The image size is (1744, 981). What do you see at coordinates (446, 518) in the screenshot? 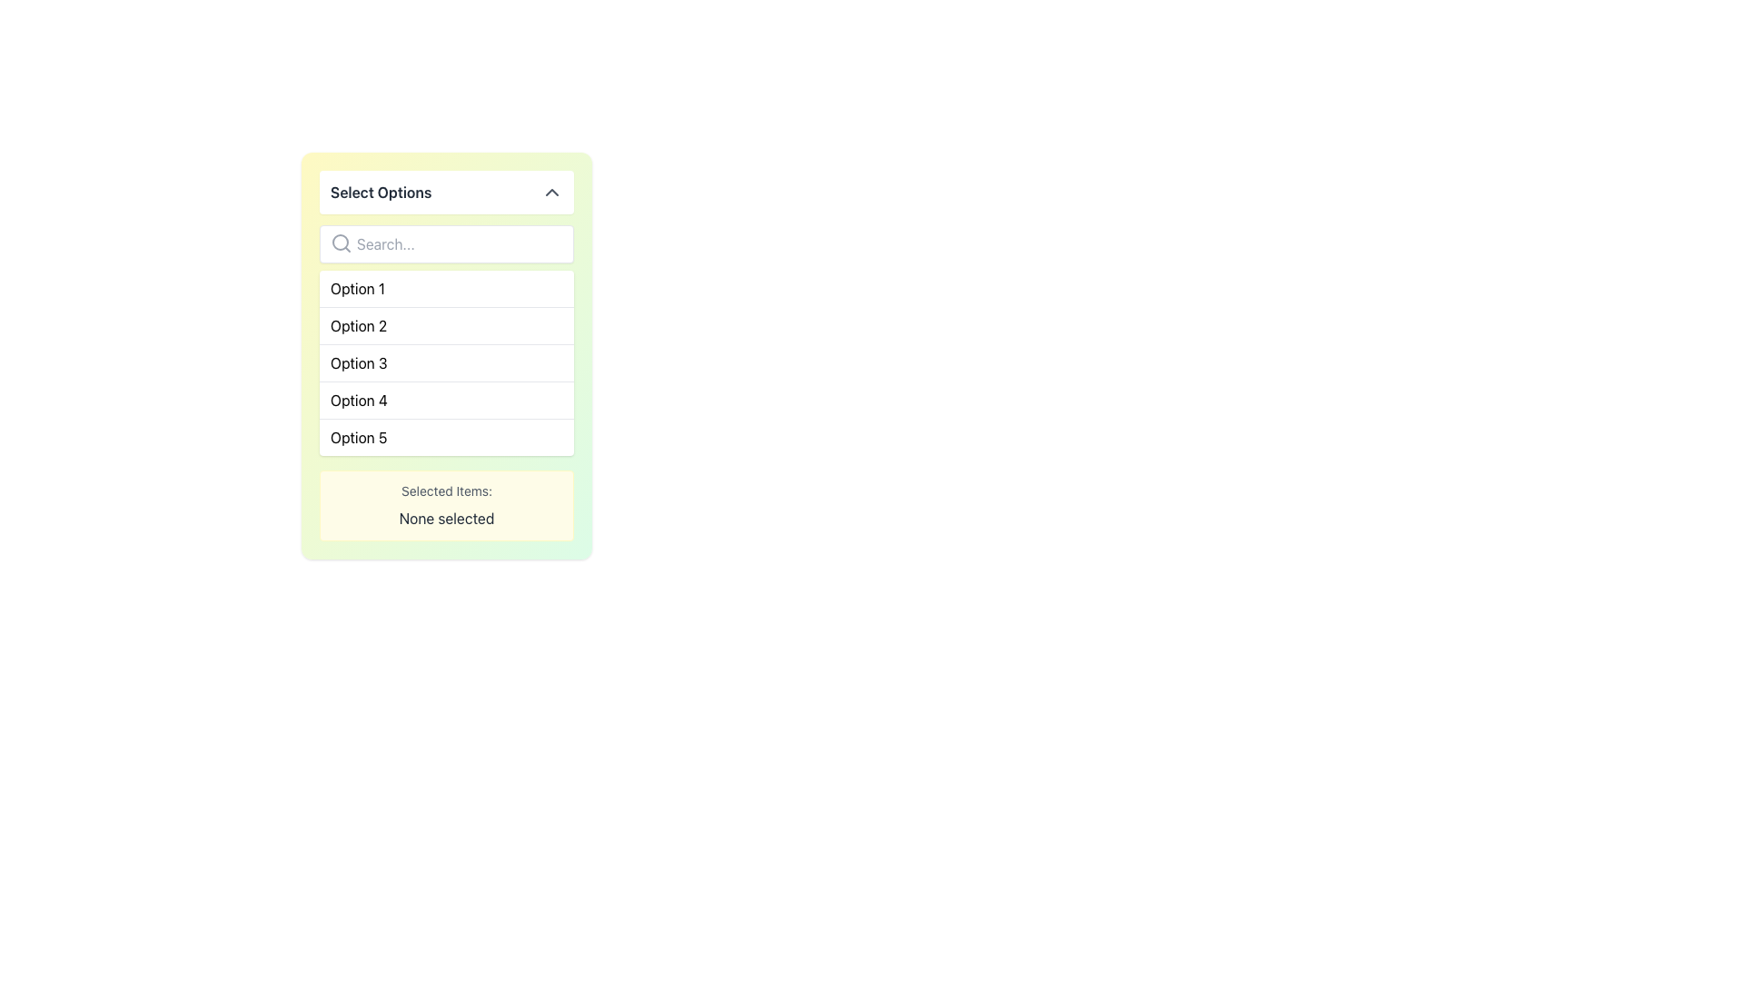
I see `the text label indicating that no items have been selected, which is located below the 'Selected Items:' label` at bounding box center [446, 518].